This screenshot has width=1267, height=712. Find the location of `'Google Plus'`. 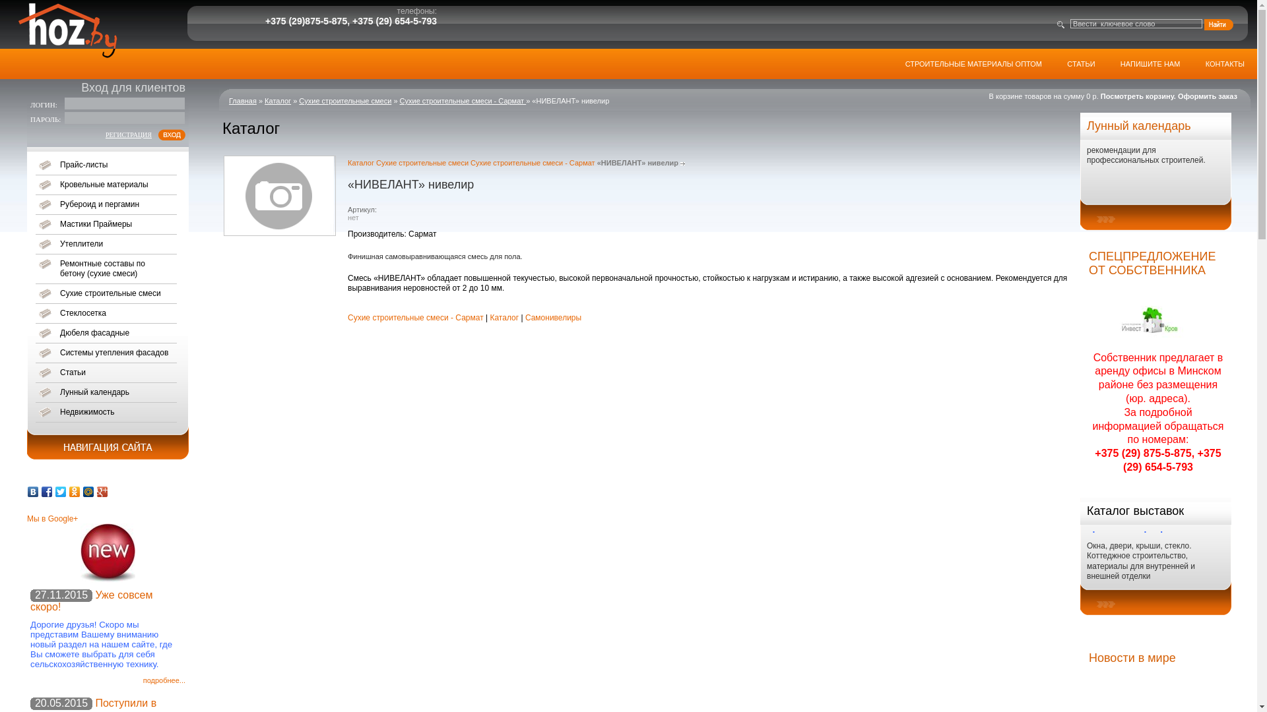

'Google Plus' is located at coordinates (94, 491).